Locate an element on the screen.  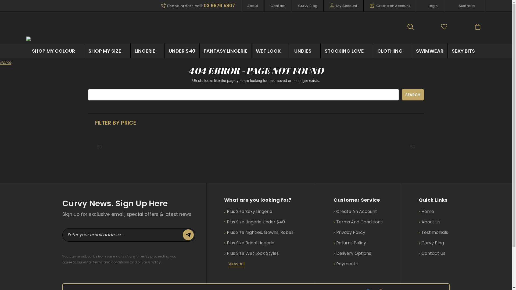
'WET LOOK' is located at coordinates (271, 51).